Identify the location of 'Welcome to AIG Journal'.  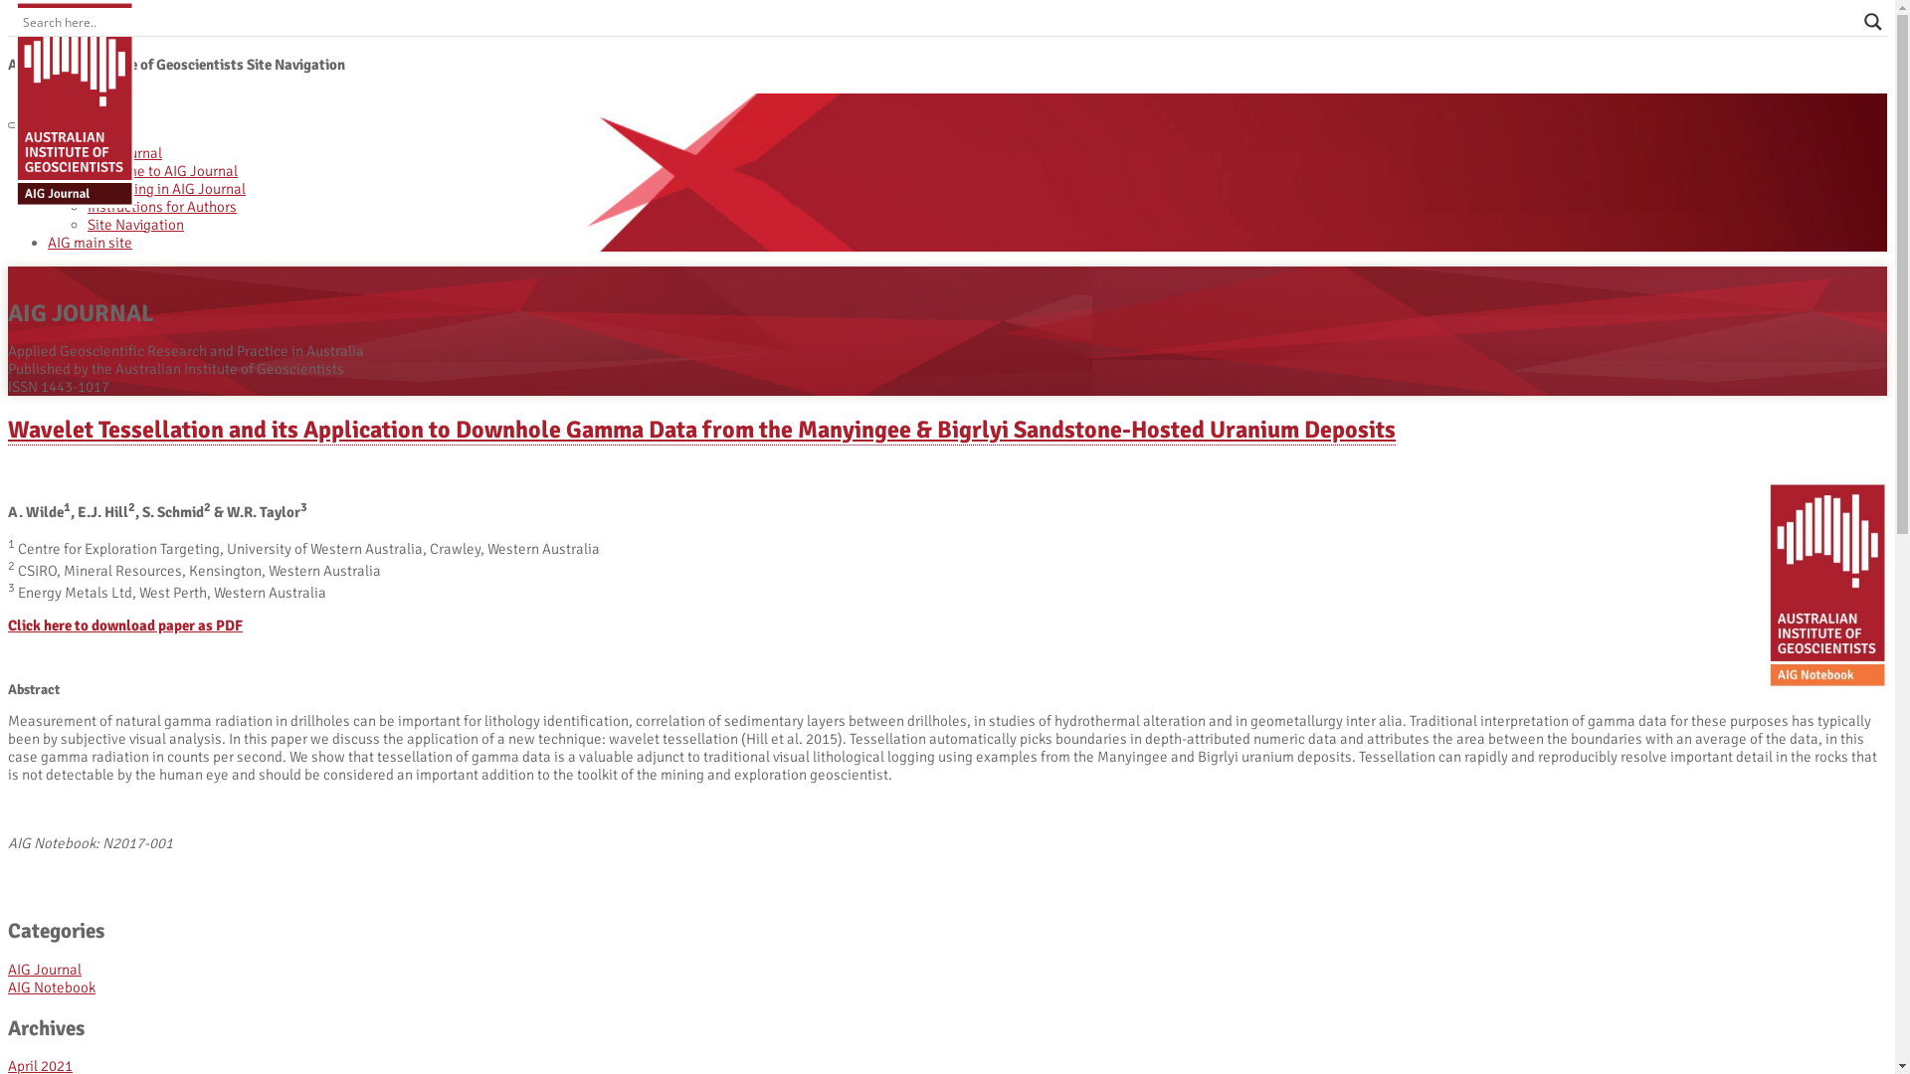
(162, 170).